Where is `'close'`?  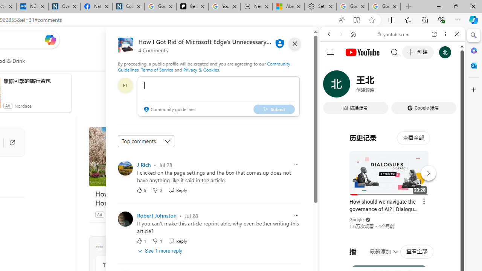 'close' is located at coordinates (294, 43).